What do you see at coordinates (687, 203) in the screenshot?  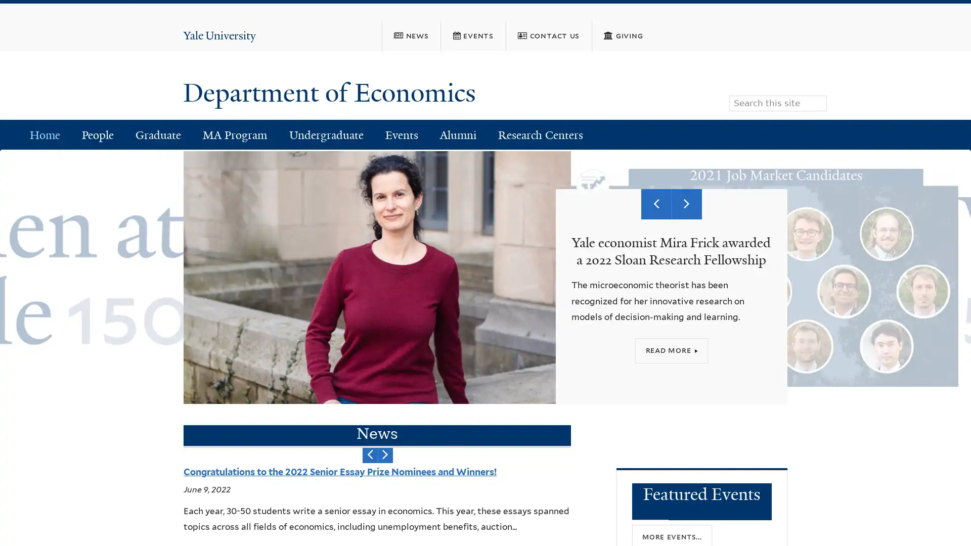 I see `next` at bounding box center [687, 203].